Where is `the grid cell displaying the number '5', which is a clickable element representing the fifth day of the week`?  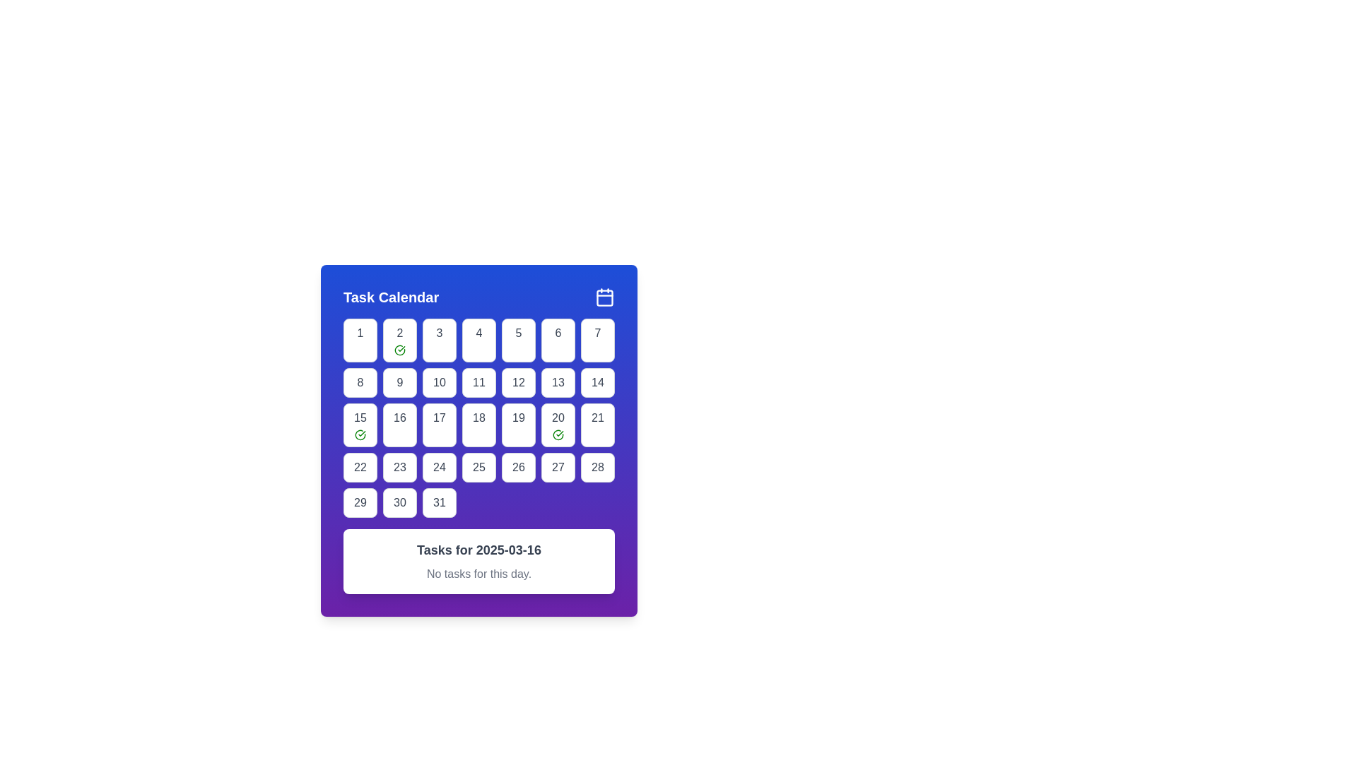
the grid cell displaying the number '5', which is a clickable element representing the fifth day of the week is located at coordinates (518, 333).